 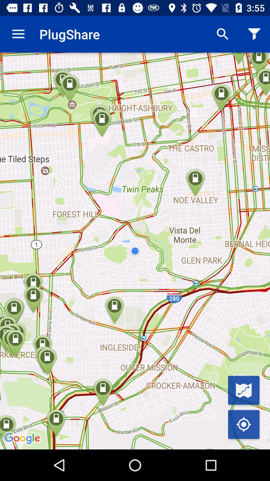 What do you see at coordinates (243, 390) in the screenshot?
I see `open map` at bounding box center [243, 390].